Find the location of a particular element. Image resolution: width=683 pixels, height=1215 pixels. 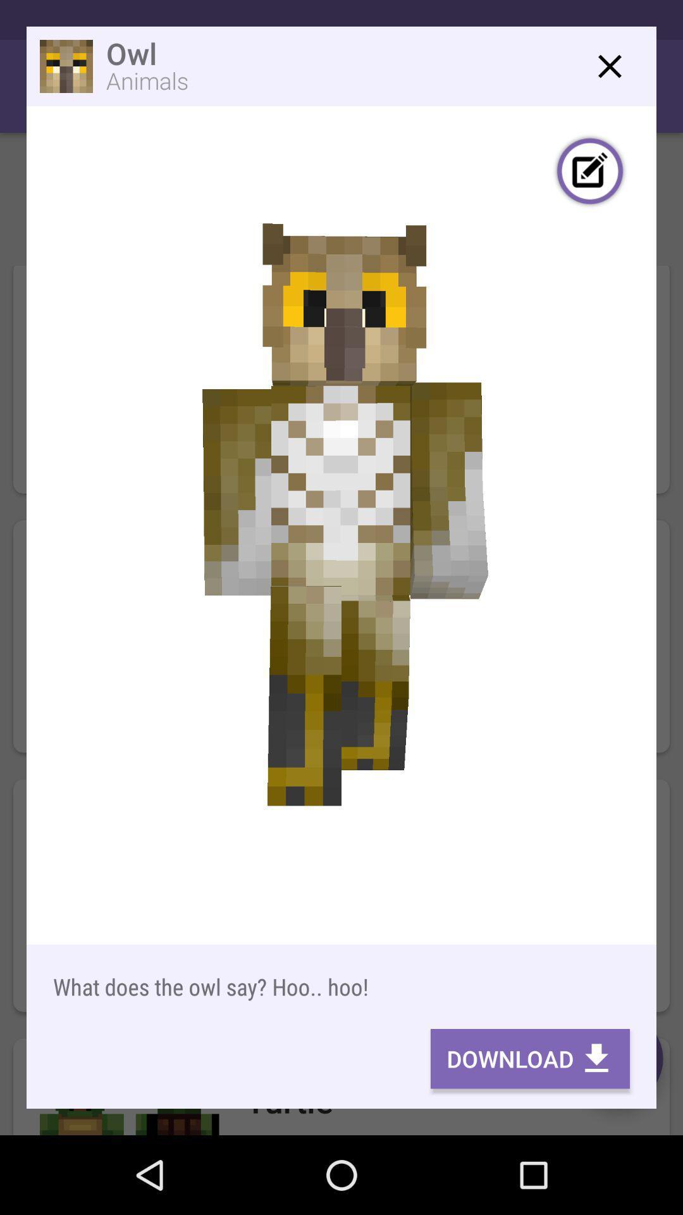

box is located at coordinates (609, 66).